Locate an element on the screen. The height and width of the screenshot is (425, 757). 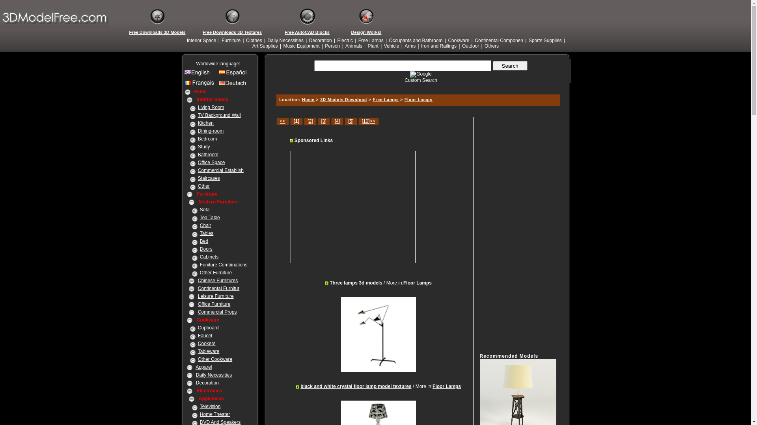
'Sofa' is located at coordinates (205, 209).